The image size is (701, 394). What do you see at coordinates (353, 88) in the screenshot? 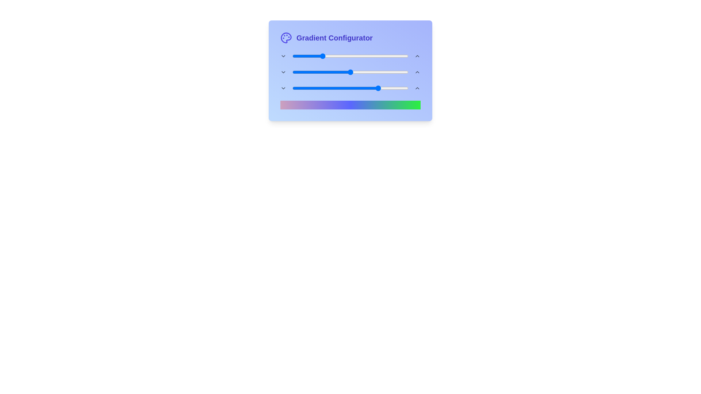
I see `the end gradient slider to 52` at bounding box center [353, 88].